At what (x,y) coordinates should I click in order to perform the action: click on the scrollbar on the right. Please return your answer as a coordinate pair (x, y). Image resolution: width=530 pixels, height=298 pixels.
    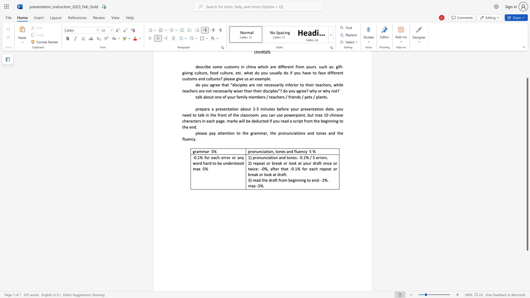
    Looking at the image, I should click on (527, 63).